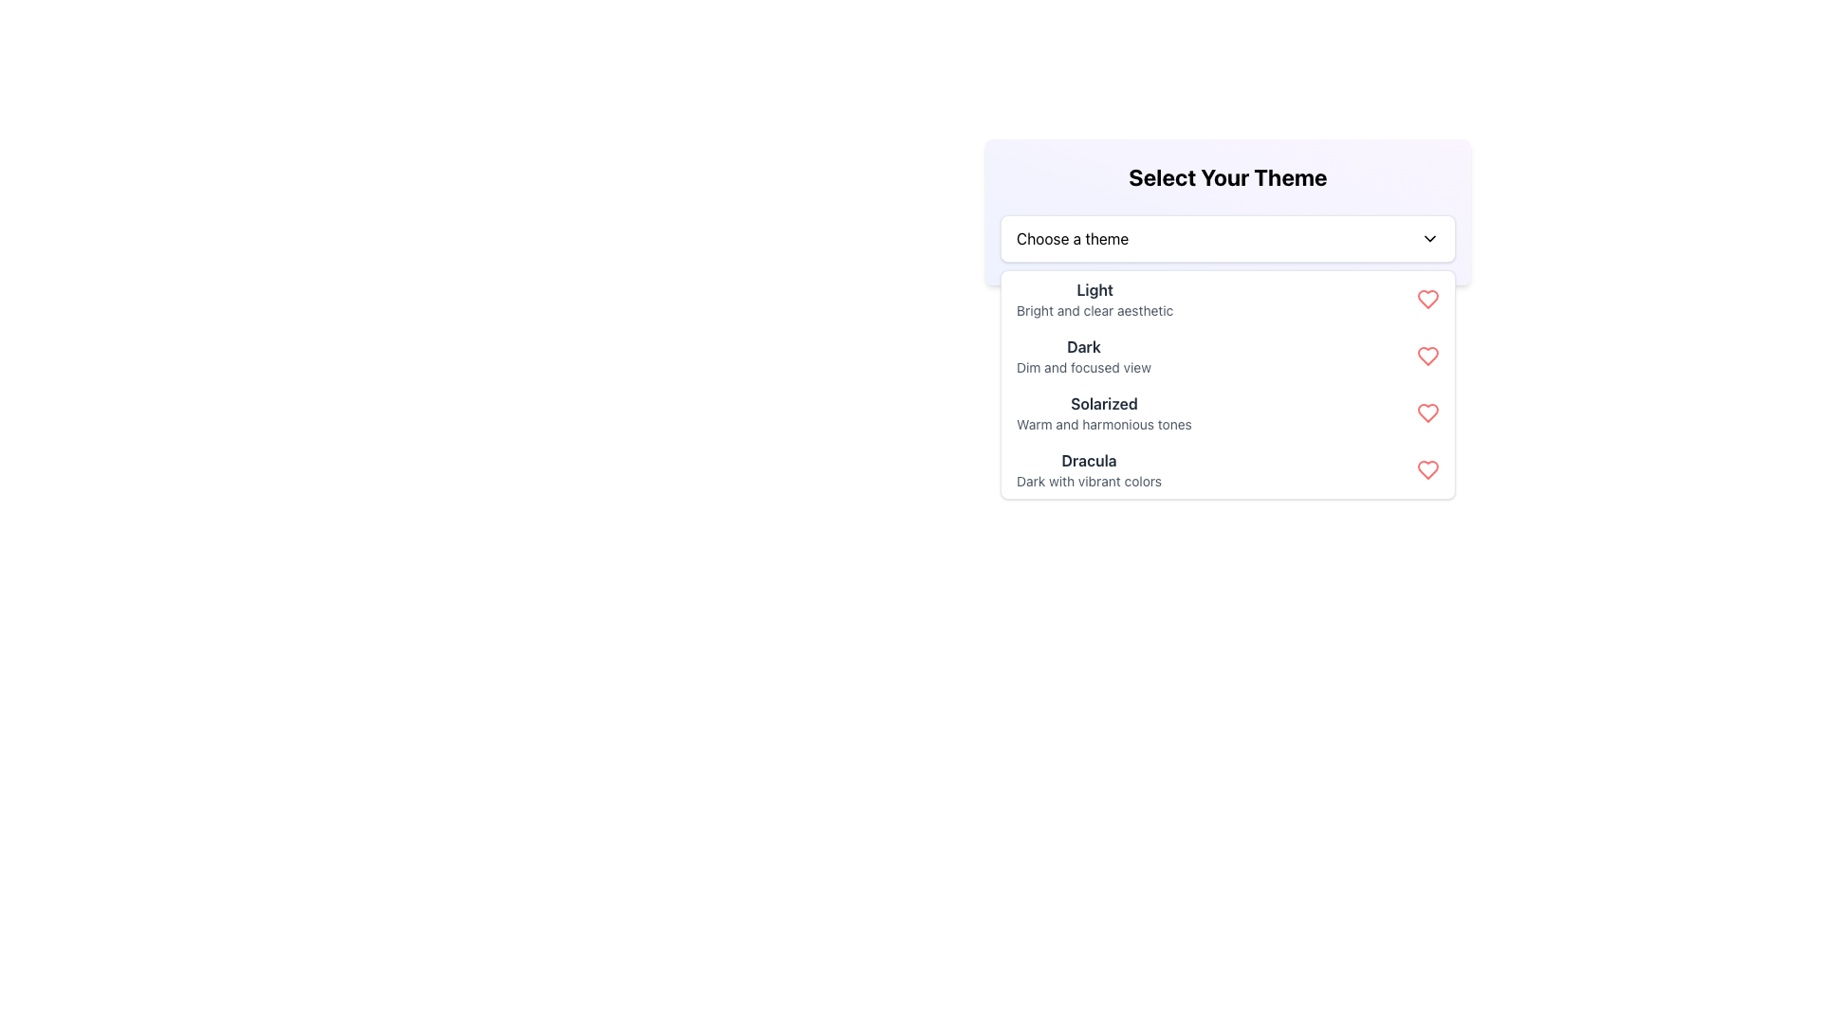  I want to click on the dropdown menu titled 'Select Your Theme', so click(1228, 211).